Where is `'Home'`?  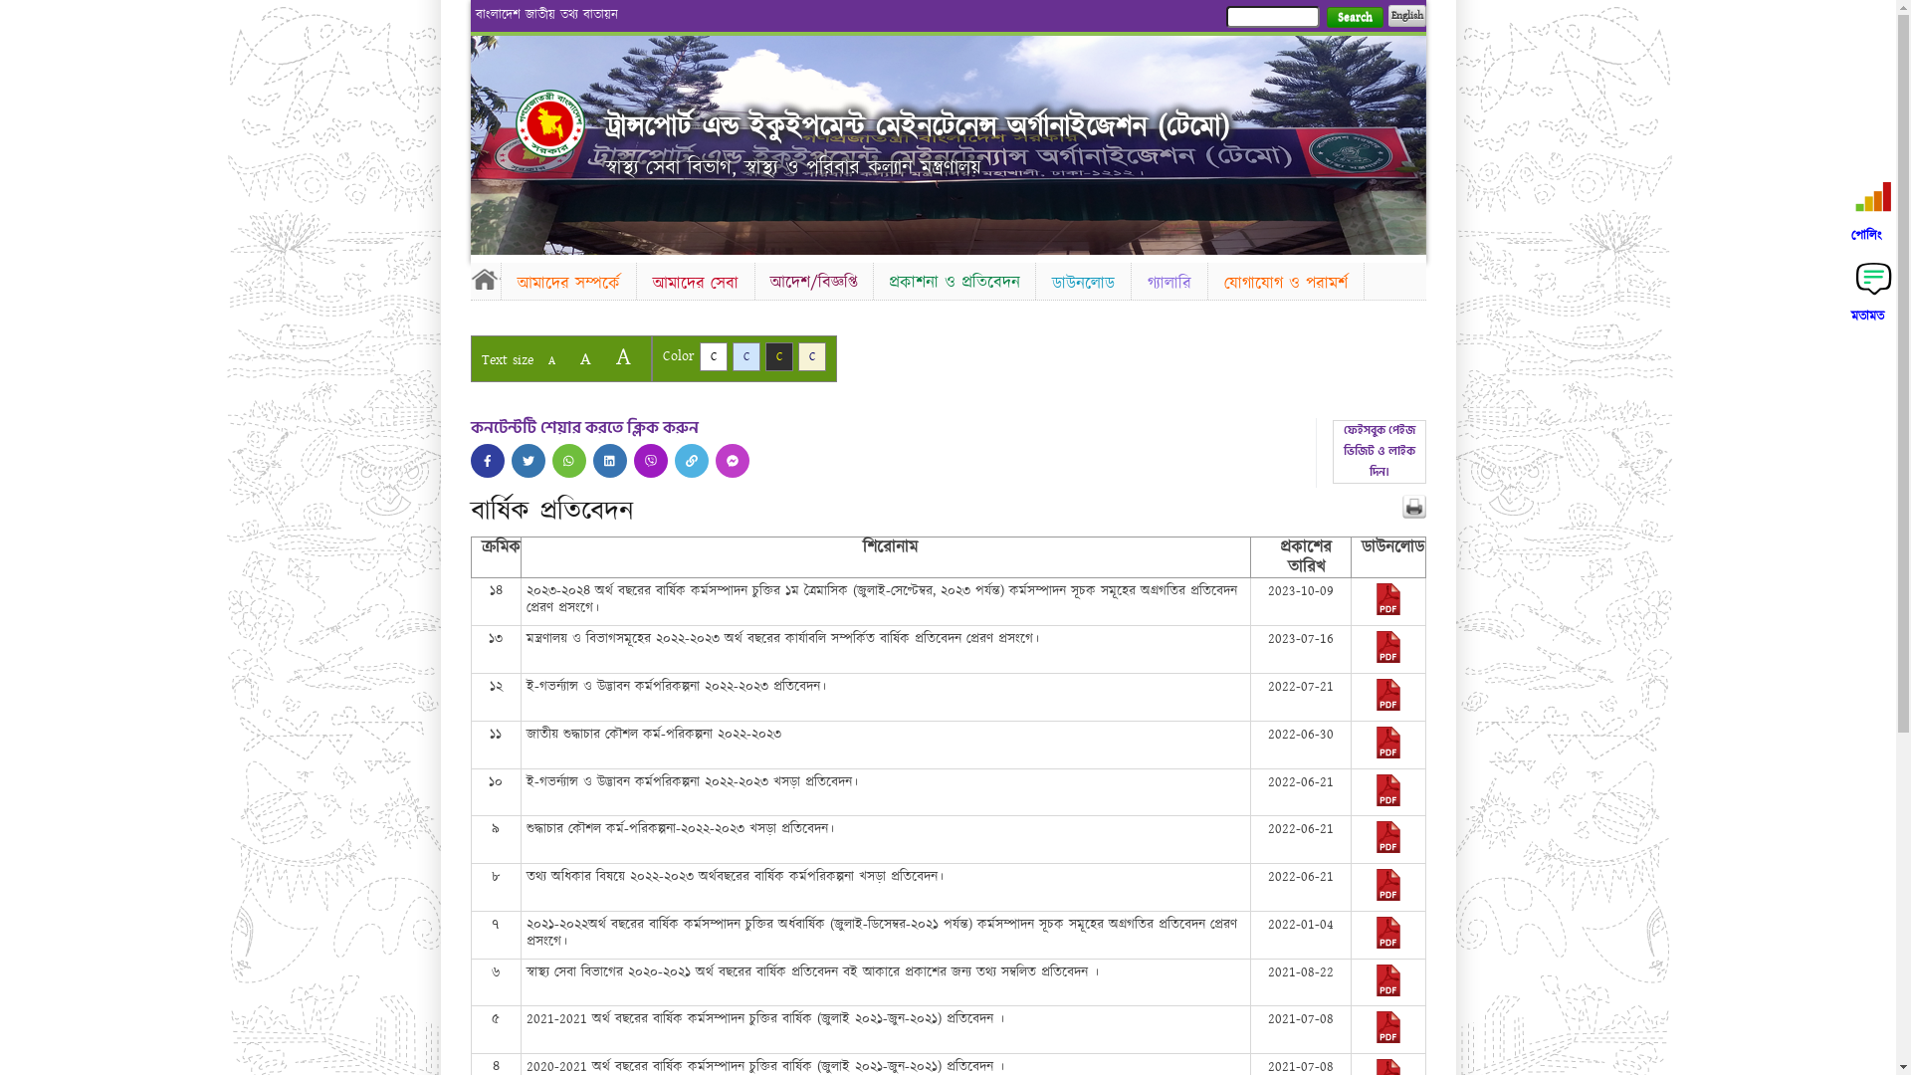
'Home' is located at coordinates (468, 279).